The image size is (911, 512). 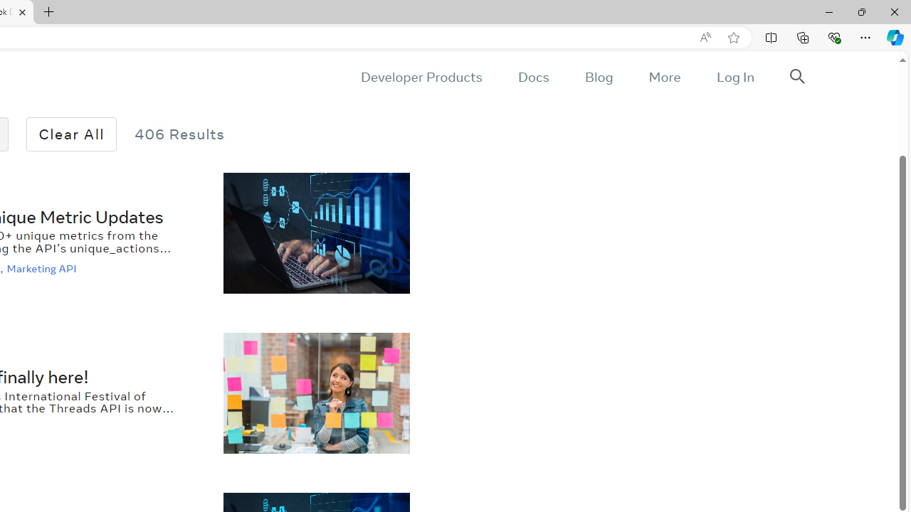 I want to click on 'Log In', so click(x=734, y=77).